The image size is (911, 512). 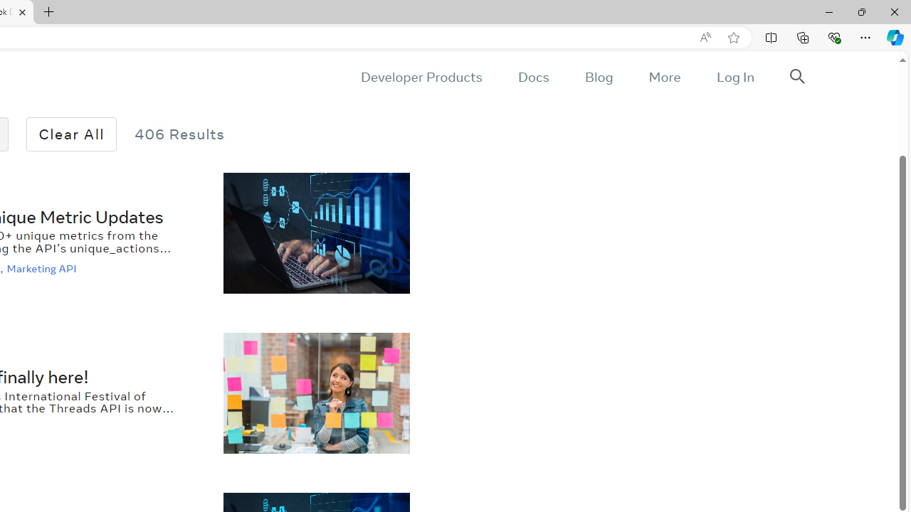 I want to click on 'Log In', so click(x=734, y=77).